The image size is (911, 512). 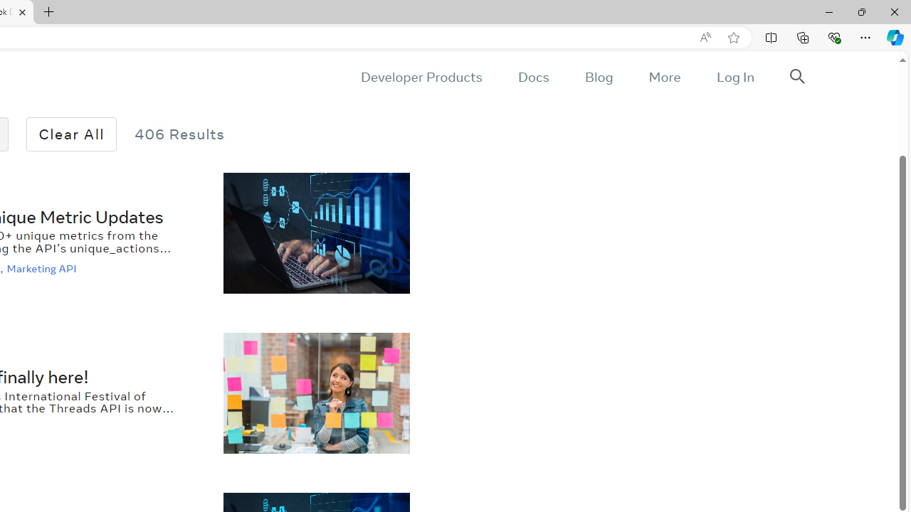 I want to click on 'Log In', so click(x=734, y=77).